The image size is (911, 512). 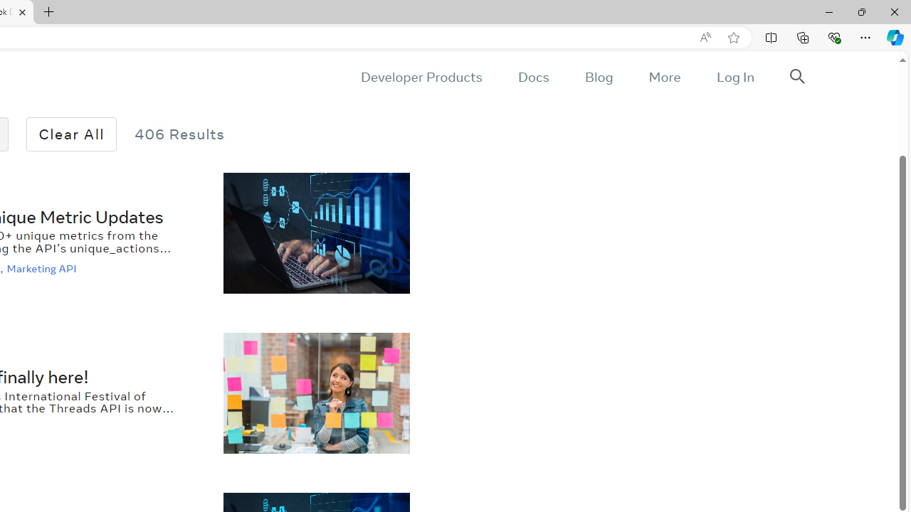 I want to click on 'Log In', so click(x=734, y=77).